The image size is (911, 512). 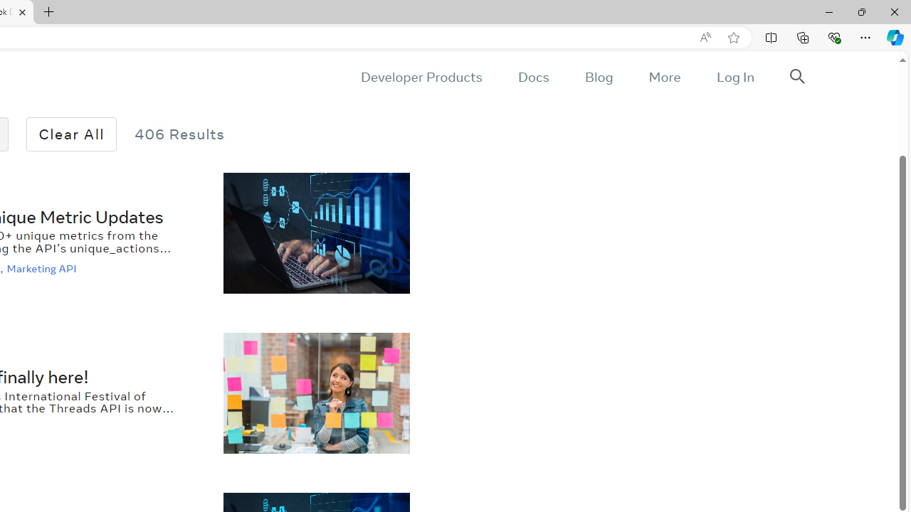 I want to click on 'Log In', so click(x=734, y=77).